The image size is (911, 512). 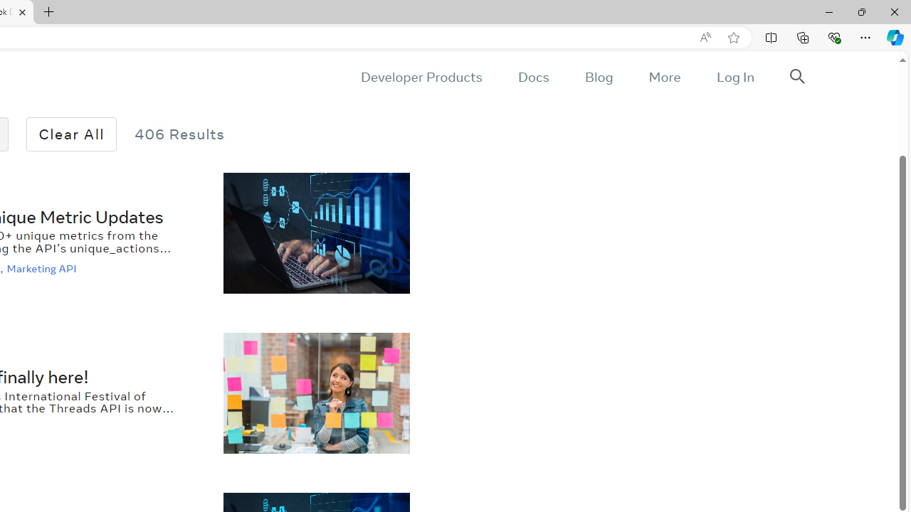 I want to click on 'Log In', so click(x=734, y=77).